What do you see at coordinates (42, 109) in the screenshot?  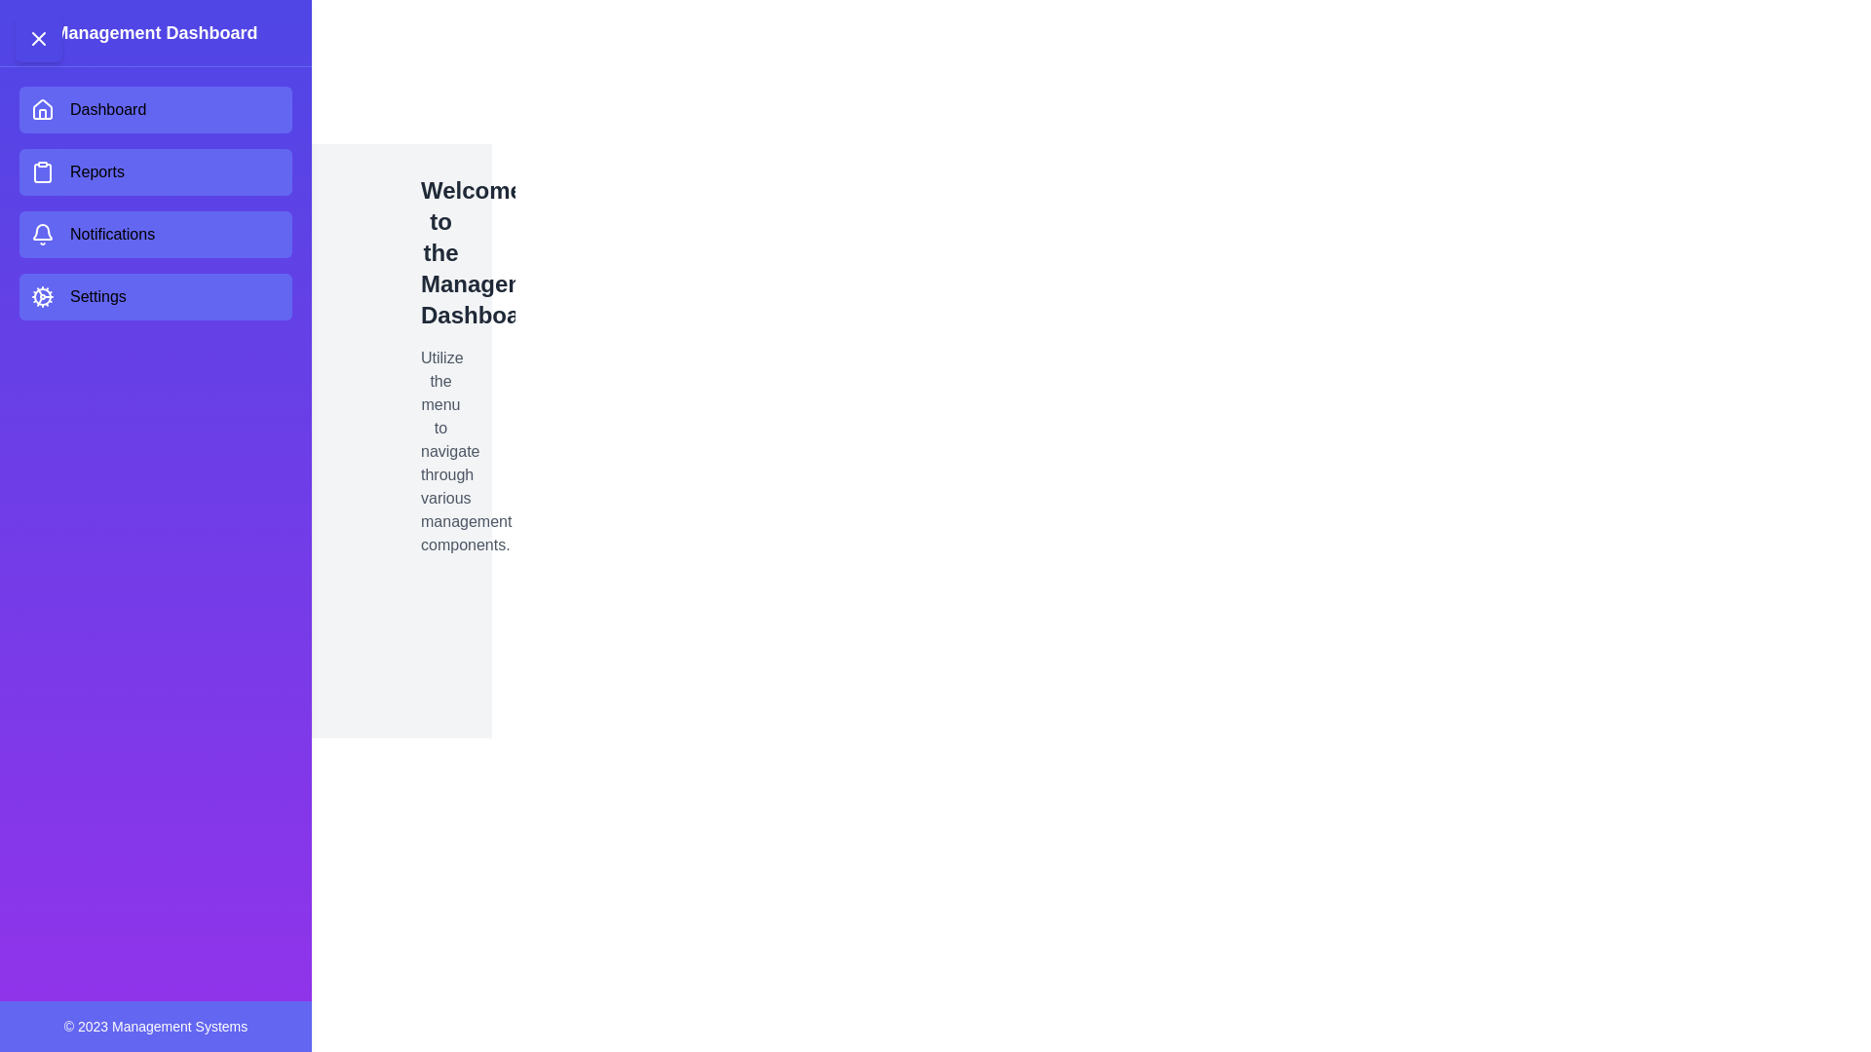 I see `the house-shaped icon in the Dashboard menu, which features a white stroke on a matching background, located at the top of the vertical menu panel` at bounding box center [42, 109].